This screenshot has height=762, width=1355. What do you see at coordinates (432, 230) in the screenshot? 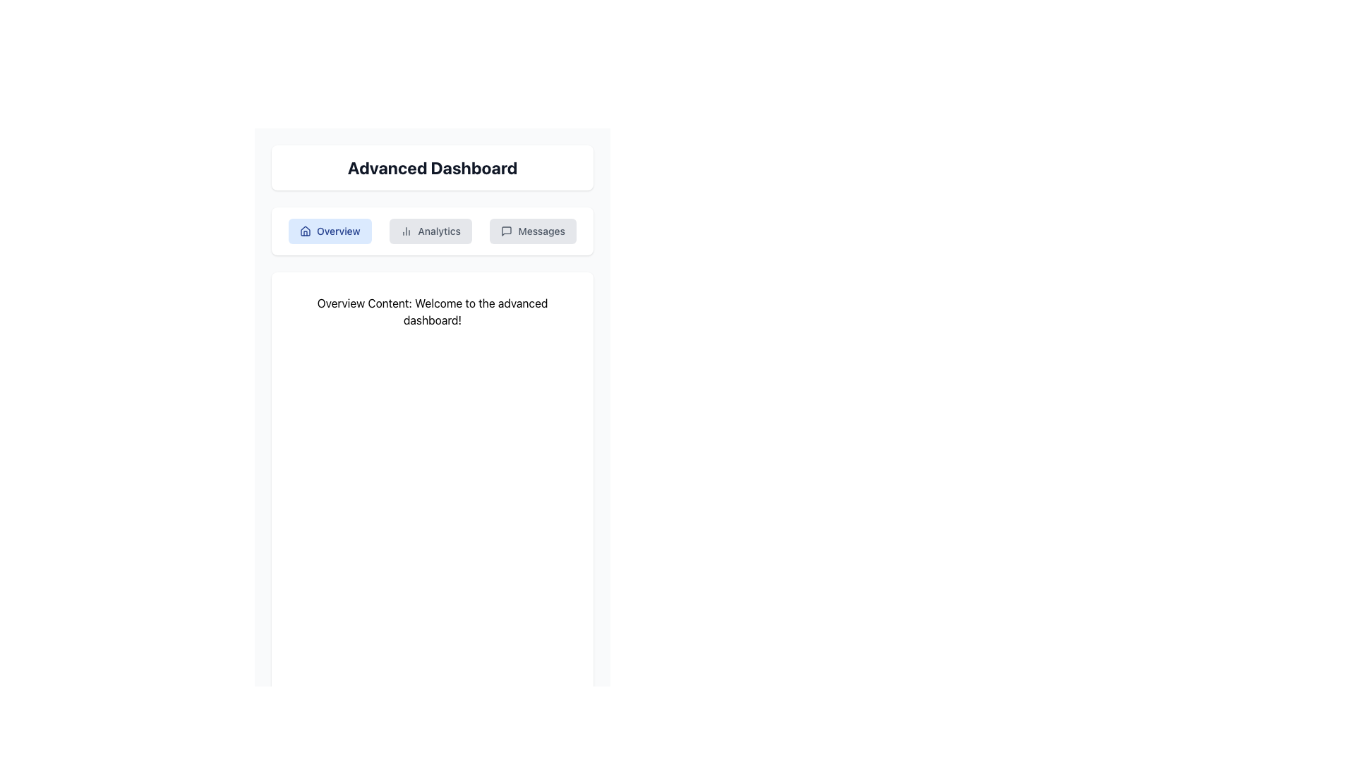
I see `the 'Analytics' button located in the navigation bar, positioned between 'Overview' and 'Messages', to trigger visual feedback` at bounding box center [432, 230].